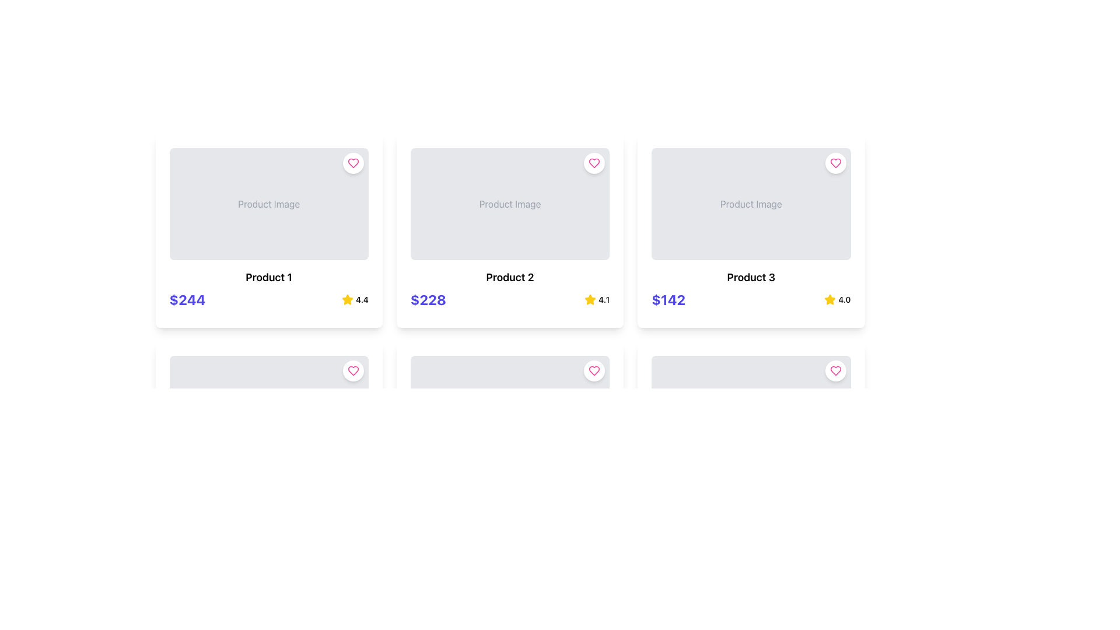 Image resolution: width=1120 pixels, height=630 pixels. Describe the element at coordinates (268, 231) in the screenshot. I see `the product Card component displaying product information located at the top-left corner of the grid layout` at that location.